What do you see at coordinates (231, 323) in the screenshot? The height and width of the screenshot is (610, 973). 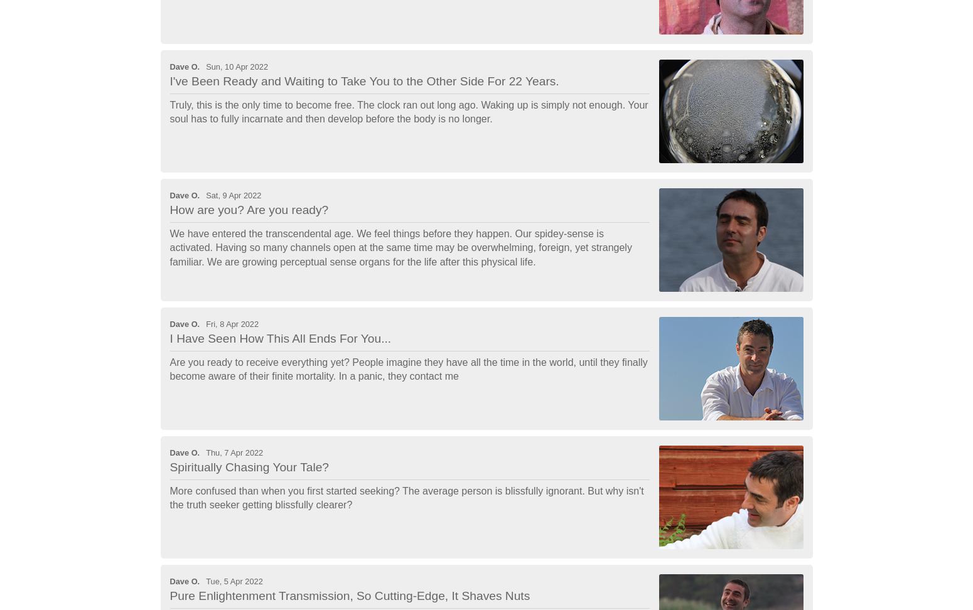 I see `'Fri, 8 Apr 2022'` at bounding box center [231, 323].